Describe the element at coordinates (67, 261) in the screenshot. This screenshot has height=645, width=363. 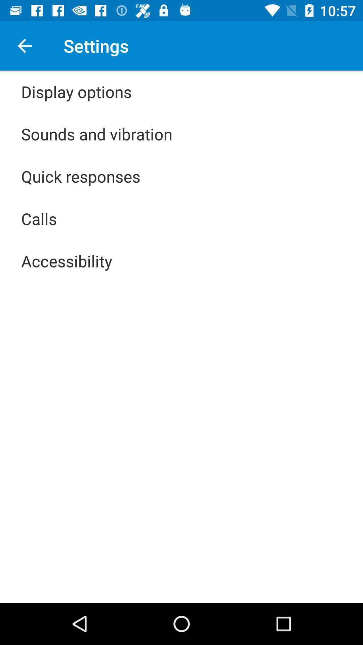
I see `app below the calls icon` at that location.